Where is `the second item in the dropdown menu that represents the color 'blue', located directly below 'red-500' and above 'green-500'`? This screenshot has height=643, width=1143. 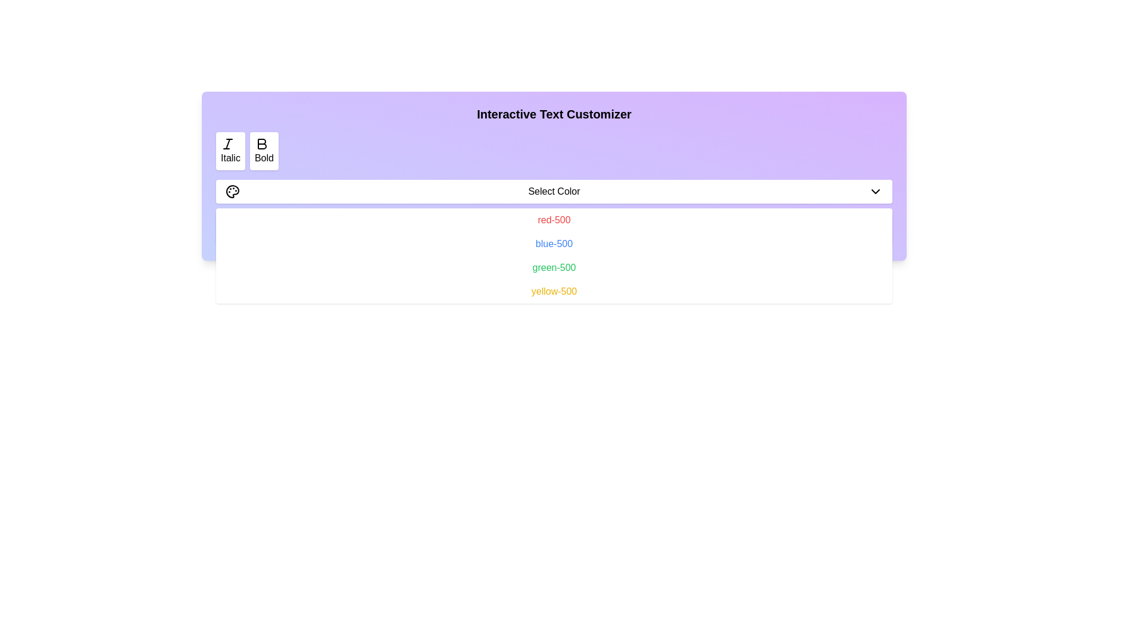
the second item in the dropdown menu that represents the color 'blue', located directly below 'red-500' and above 'green-500' is located at coordinates (554, 243).